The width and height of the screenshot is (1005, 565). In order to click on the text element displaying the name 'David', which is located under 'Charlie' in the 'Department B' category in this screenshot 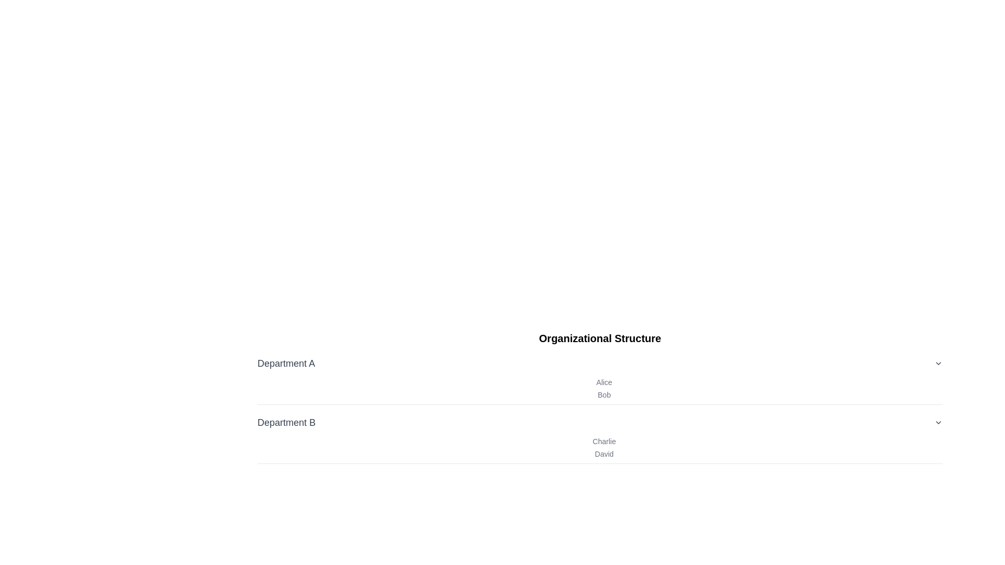, I will do `click(604, 453)`.